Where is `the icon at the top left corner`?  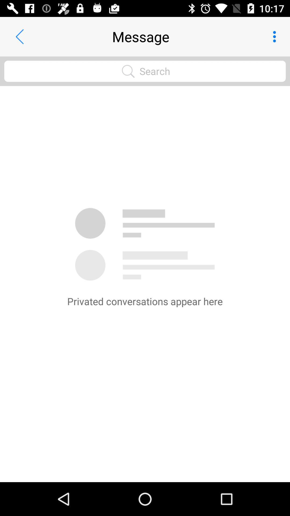
the icon at the top left corner is located at coordinates (19, 36).